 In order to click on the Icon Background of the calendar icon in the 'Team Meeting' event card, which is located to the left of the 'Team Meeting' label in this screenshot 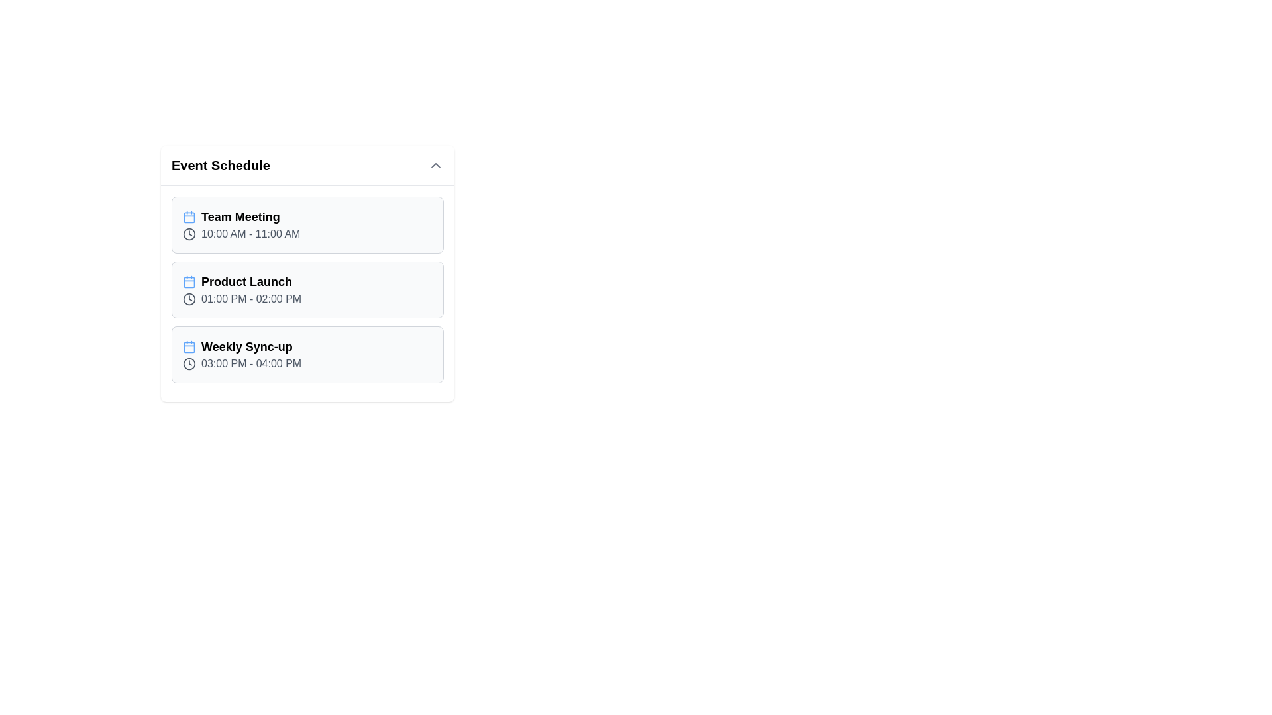, I will do `click(189, 216)`.